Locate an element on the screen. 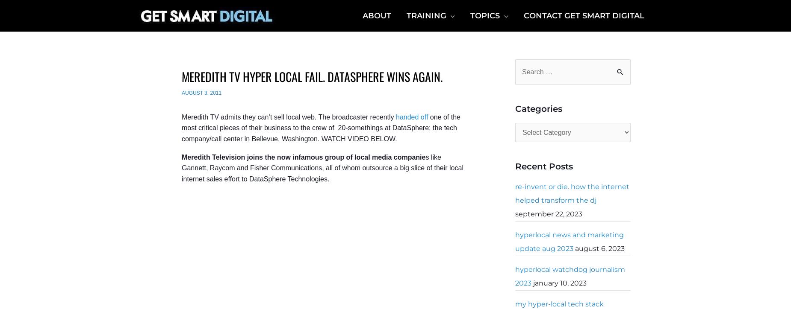 The width and height of the screenshot is (791, 309). 'Recent Posts' is located at coordinates (543, 166).